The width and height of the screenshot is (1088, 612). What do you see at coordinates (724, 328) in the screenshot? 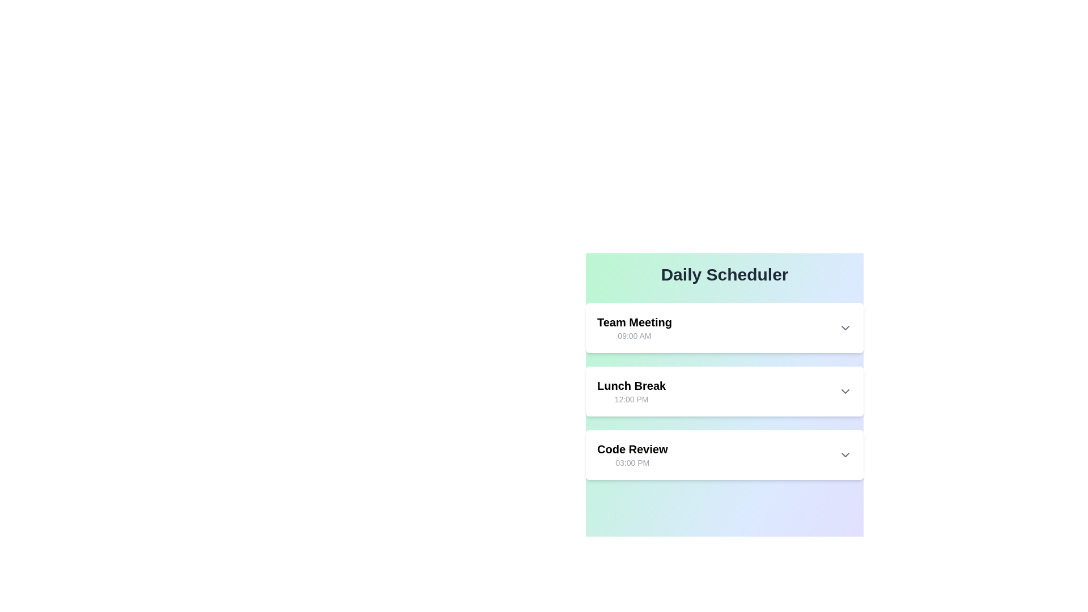
I see `the 'Team Meeting' scheduled event` at bounding box center [724, 328].